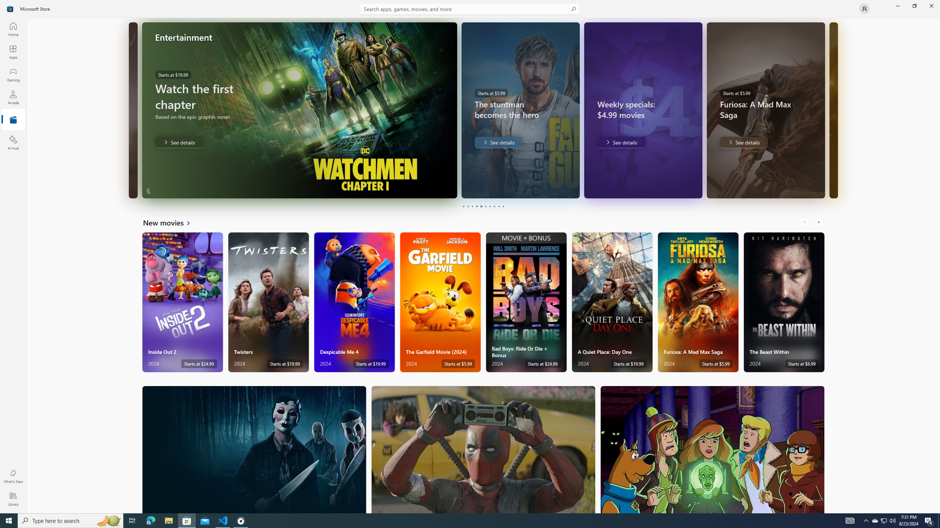  What do you see at coordinates (503, 206) in the screenshot?
I see `'Page 10'` at bounding box center [503, 206].